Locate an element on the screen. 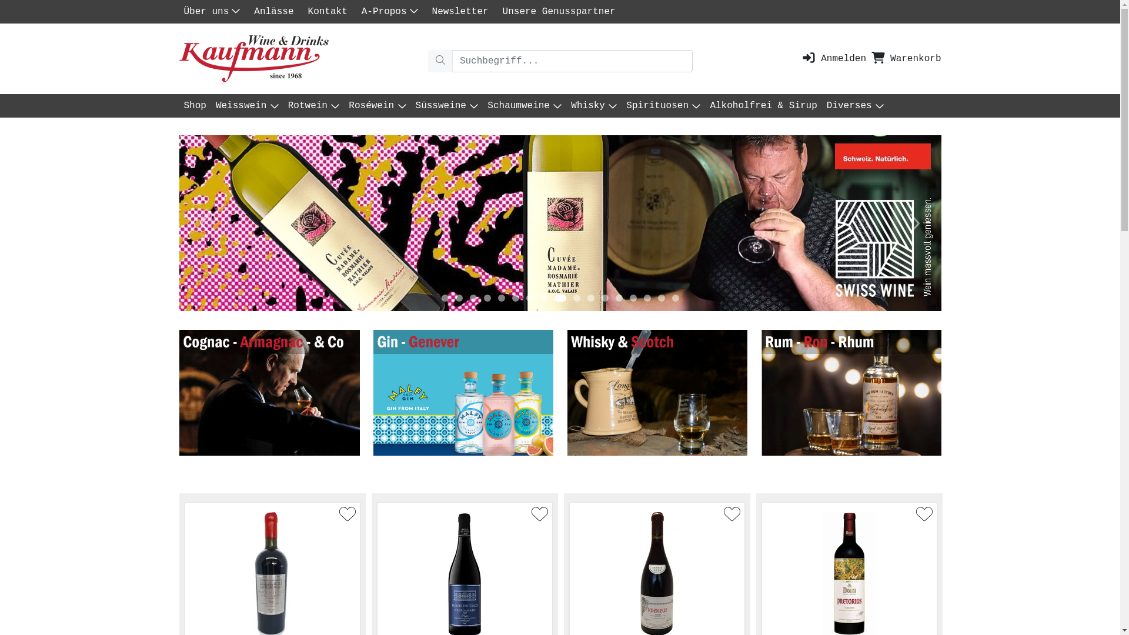 The width and height of the screenshot is (1129, 635). 'Anmelden' is located at coordinates (833, 59).